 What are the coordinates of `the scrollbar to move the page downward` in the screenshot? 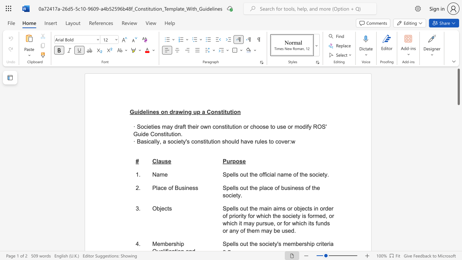 It's located at (458, 112).